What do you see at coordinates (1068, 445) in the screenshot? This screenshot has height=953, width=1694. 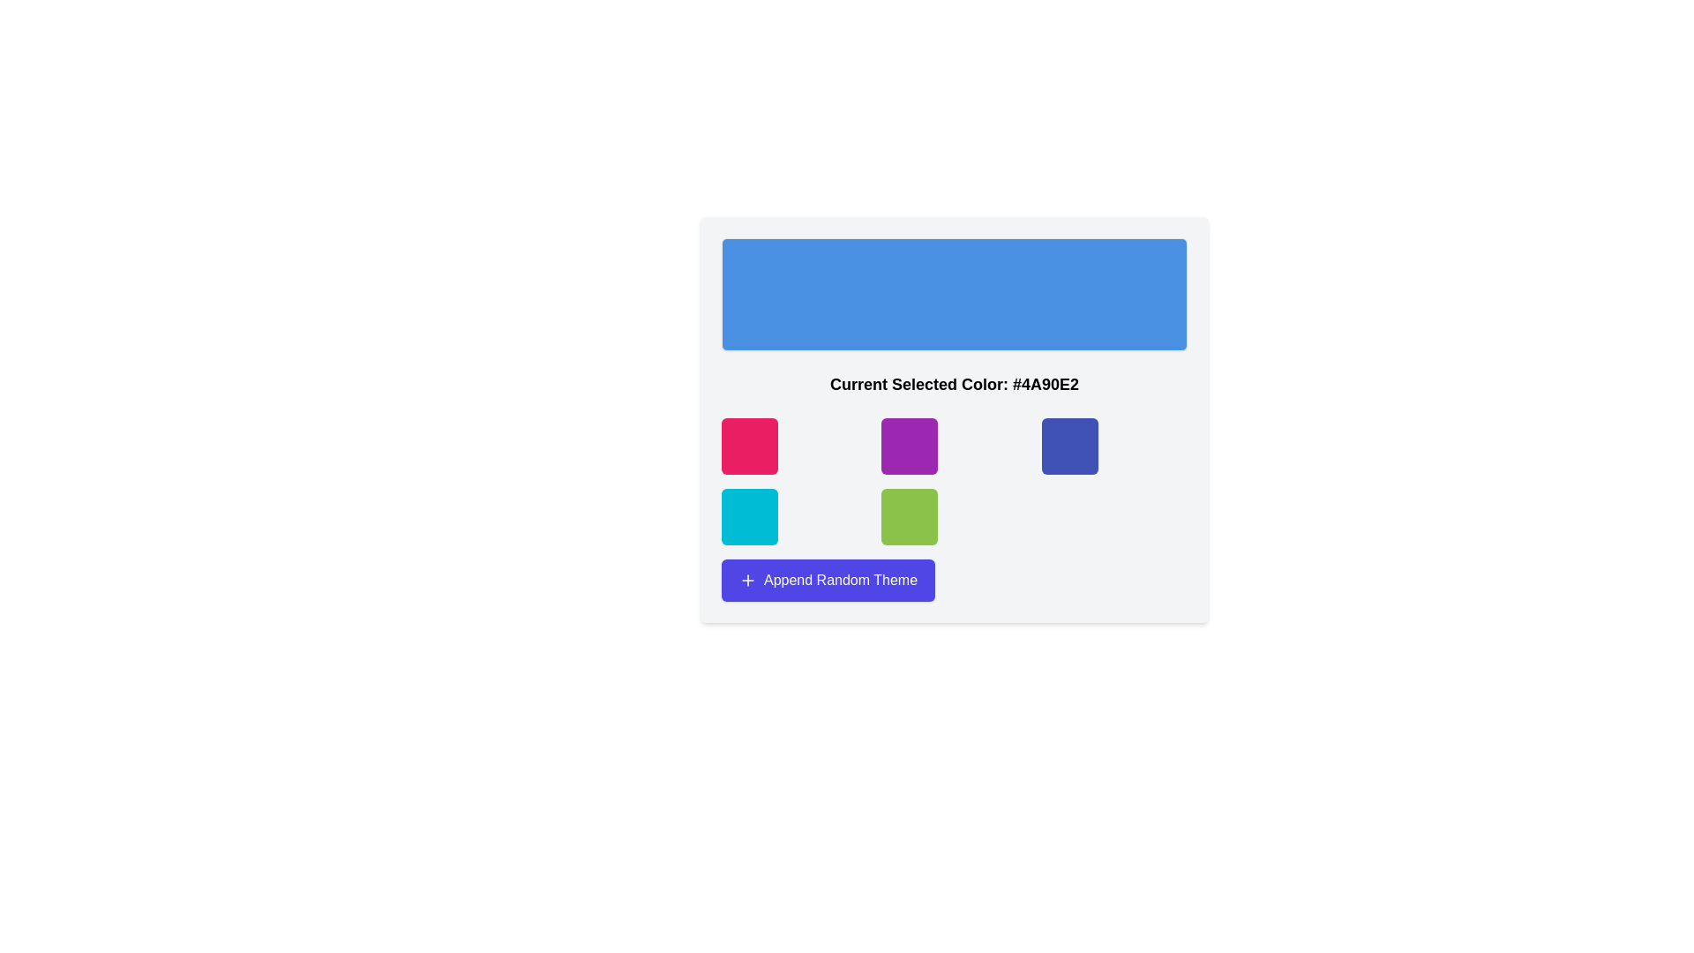 I see `the blue rounded square button located` at bounding box center [1068, 445].